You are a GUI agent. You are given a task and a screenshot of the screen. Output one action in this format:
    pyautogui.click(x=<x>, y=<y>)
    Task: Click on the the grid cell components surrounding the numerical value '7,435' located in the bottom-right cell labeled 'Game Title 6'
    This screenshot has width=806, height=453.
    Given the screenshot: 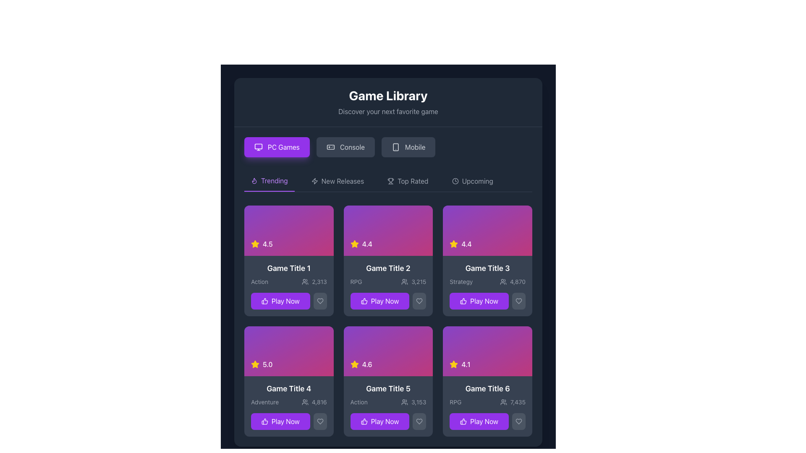 What is the action you would take?
    pyautogui.click(x=513, y=402)
    